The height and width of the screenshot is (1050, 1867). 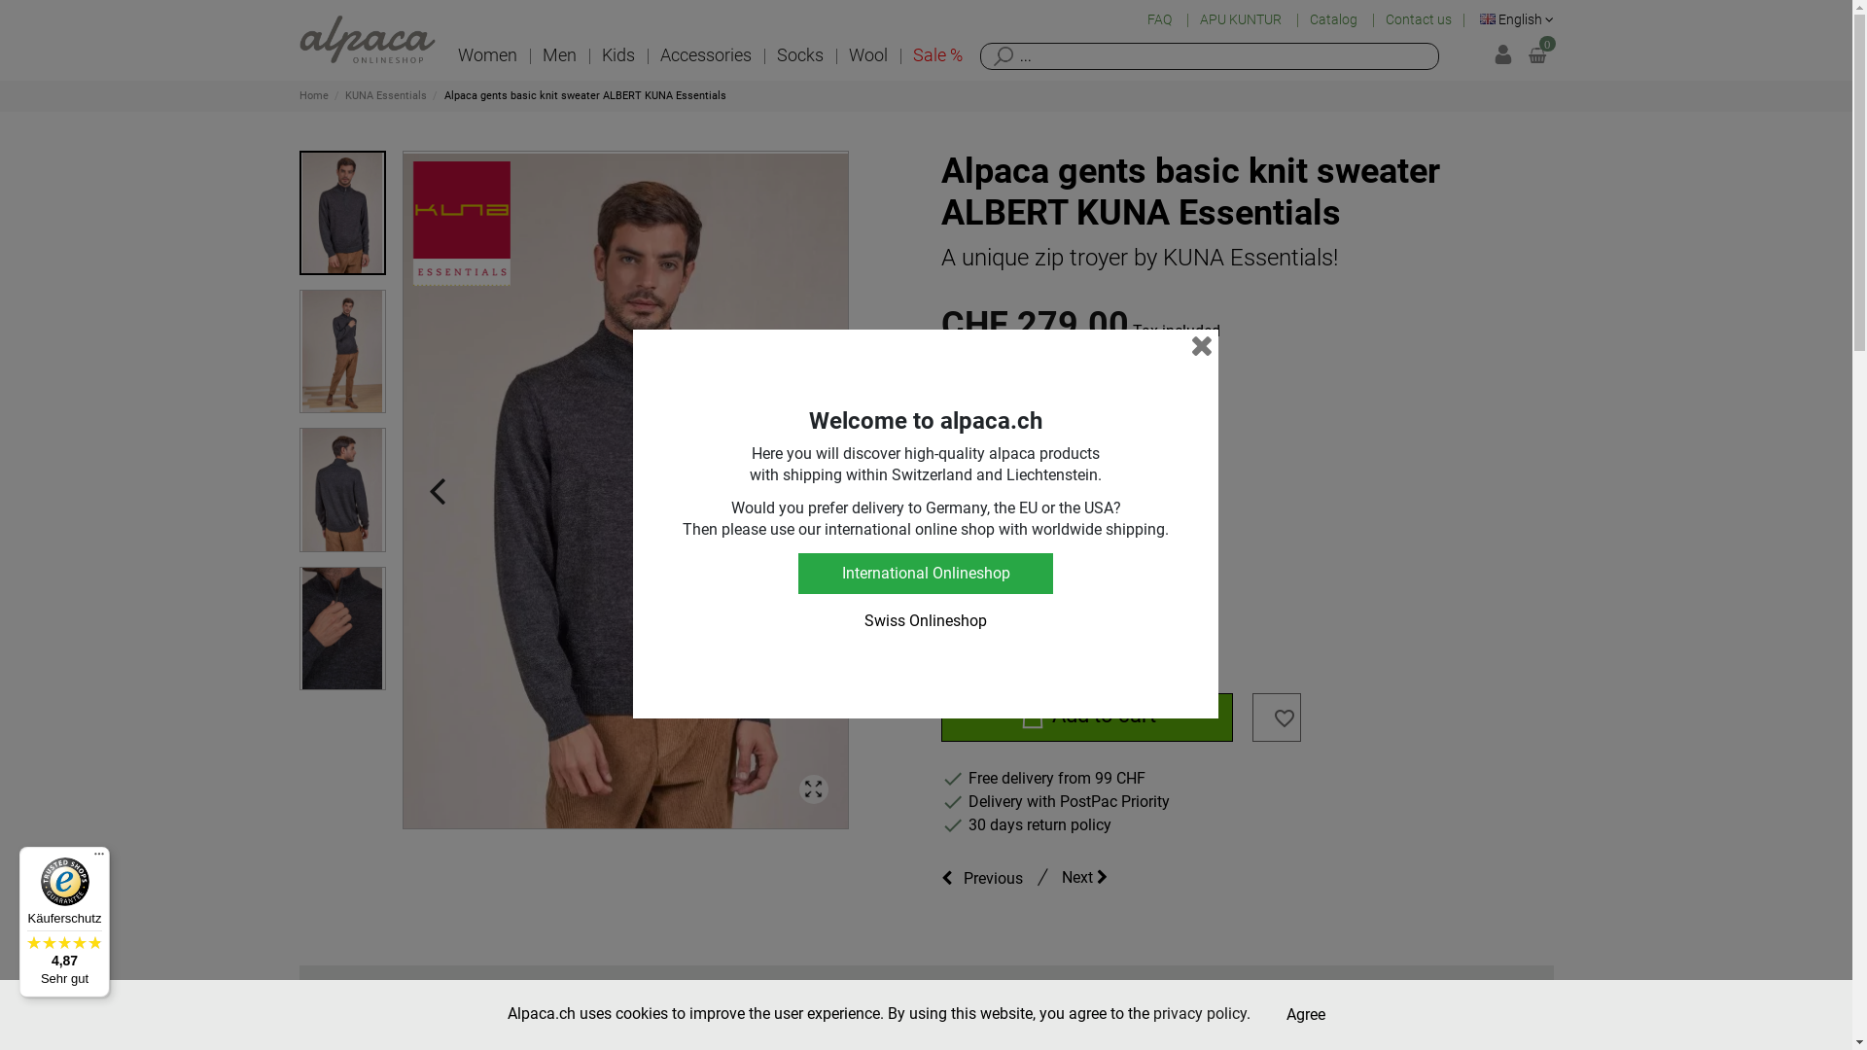 What do you see at coordinates (1284, 722) in the screenshot?
I see `'favorite_border'` at bounding box center [1284, 722].